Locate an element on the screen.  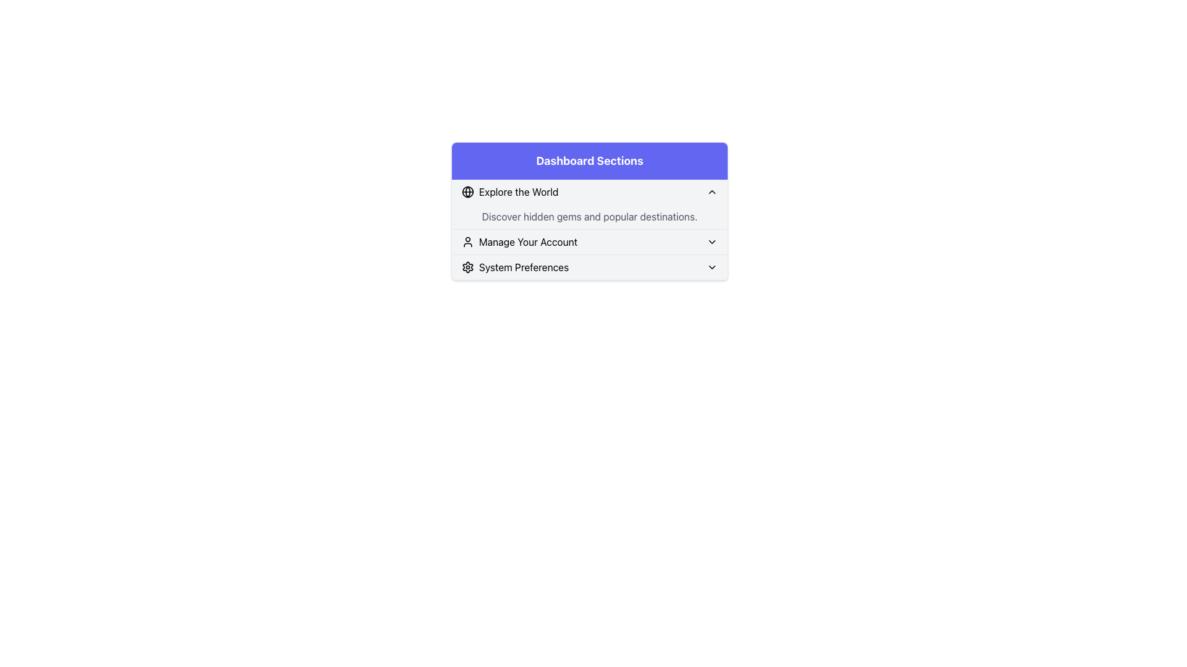
the descriptive subtitle text label that reads 'Discover hidden gems and popular destinations.' positioned under the 'Explore the World' section header is located at coordinates (589, 216).